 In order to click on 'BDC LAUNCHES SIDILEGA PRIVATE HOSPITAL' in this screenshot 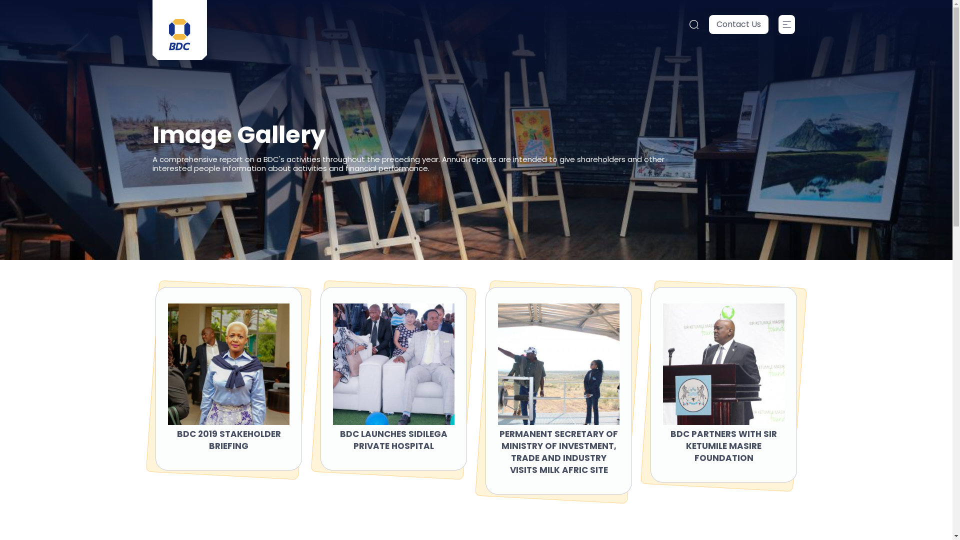, I will do `click(393, 439)`.